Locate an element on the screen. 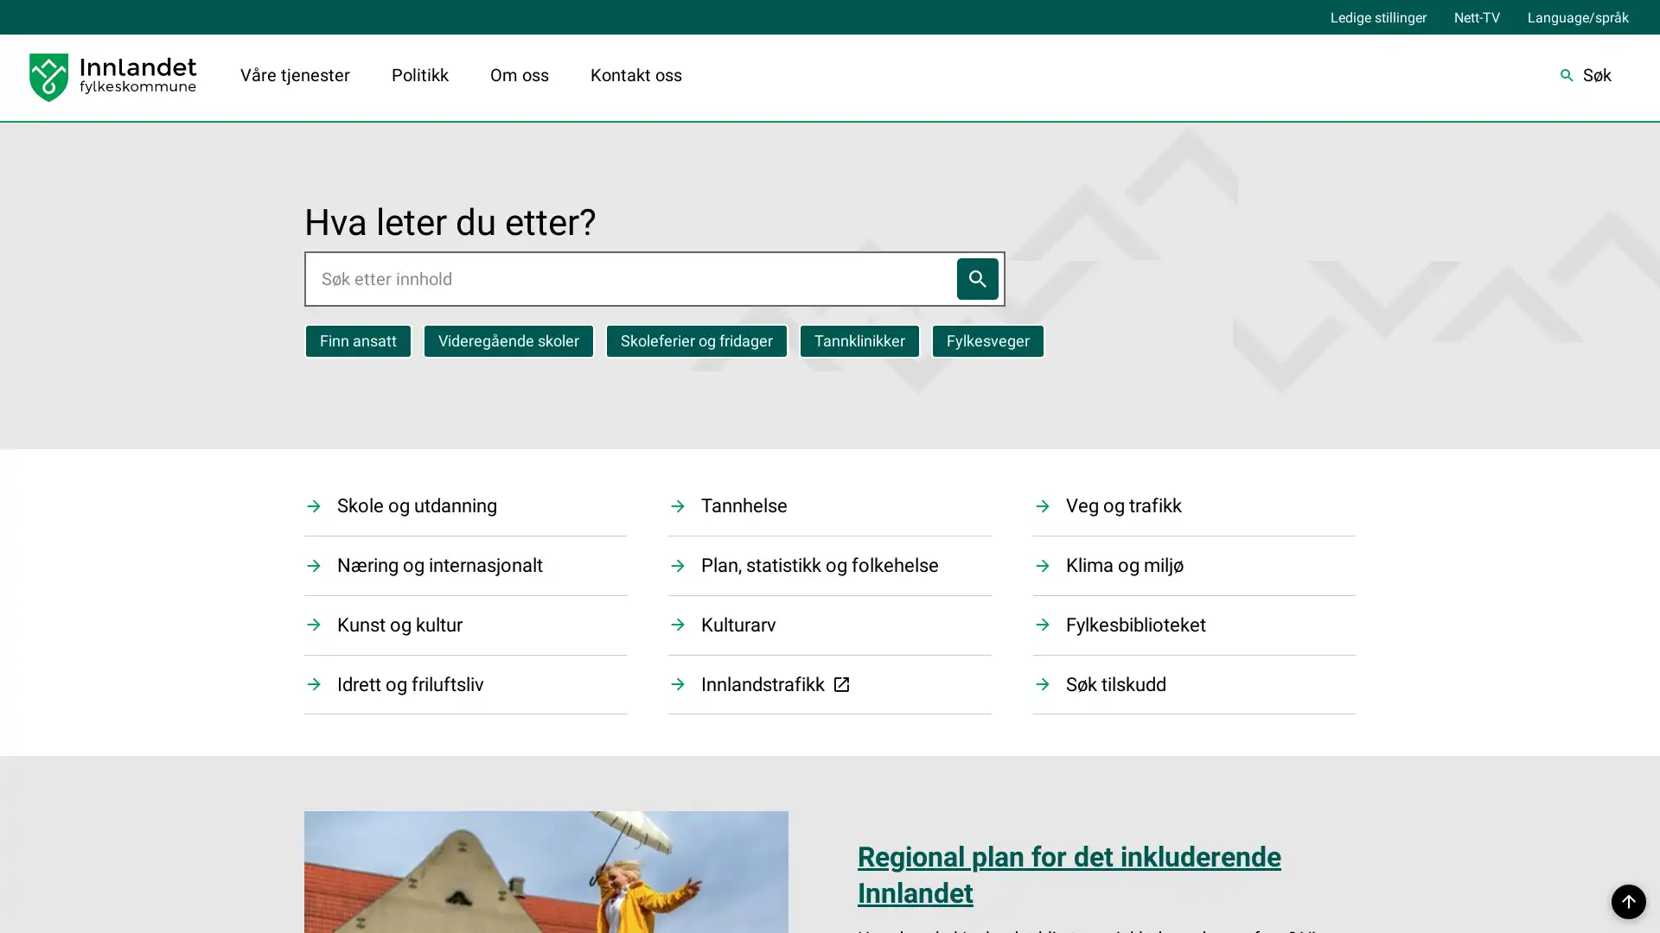 The image size is (1660, 933). Sk is located at coordinates (1585, 76).